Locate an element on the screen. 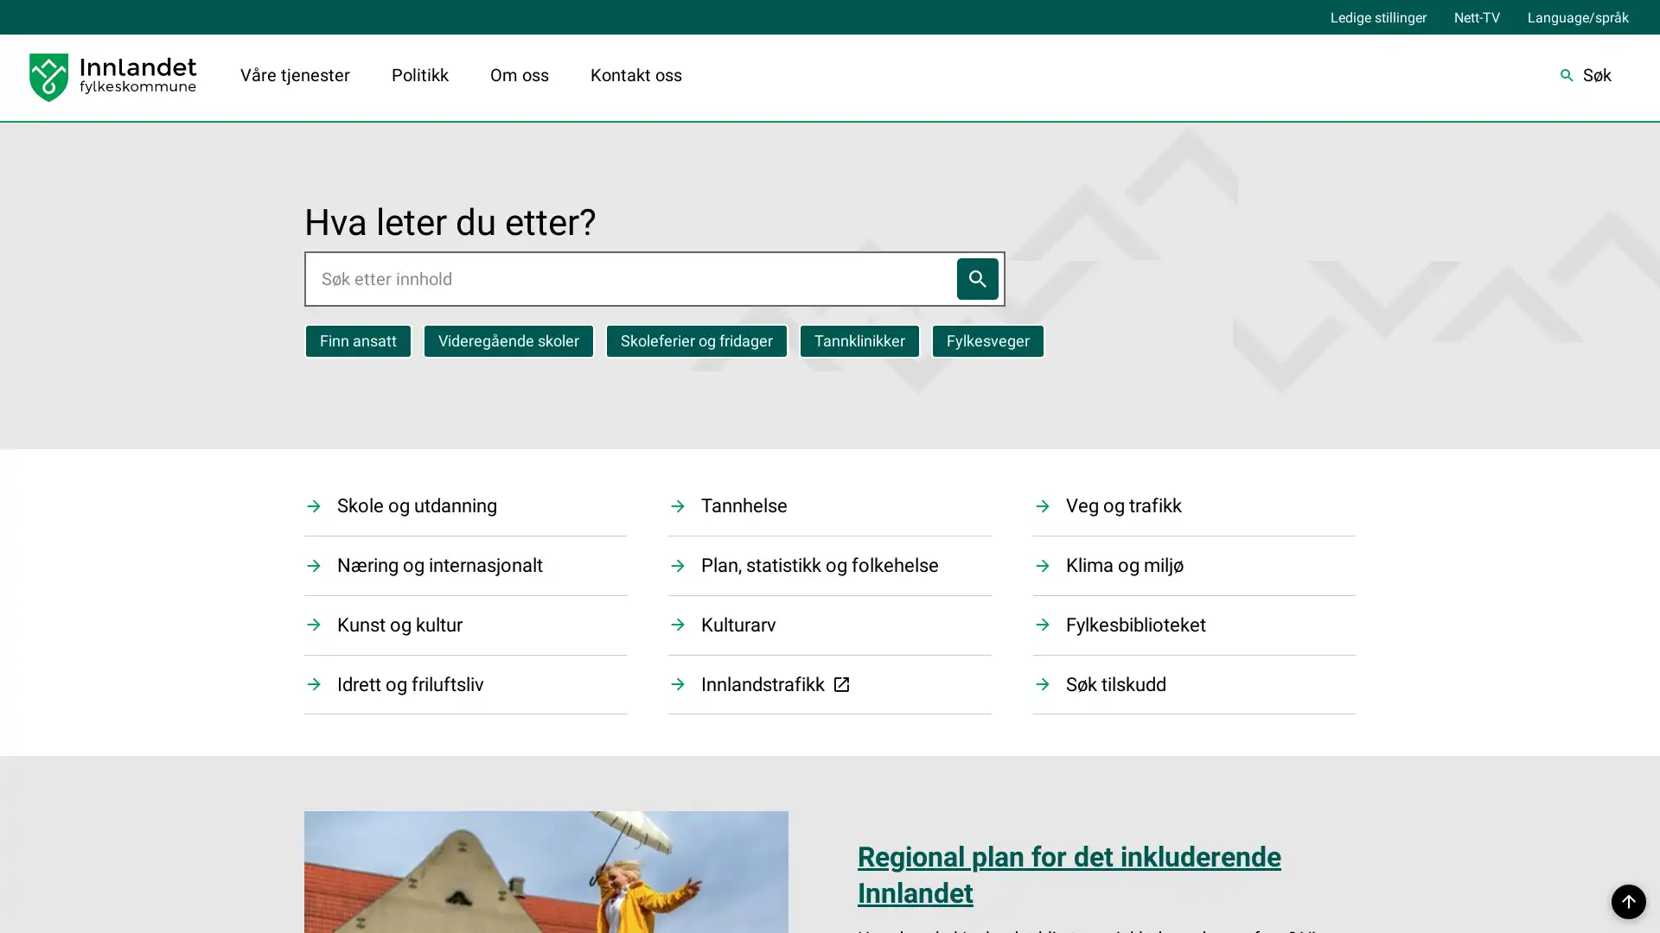 The image size is (1660, 933). Sk is located at coordinates (1585, 76).